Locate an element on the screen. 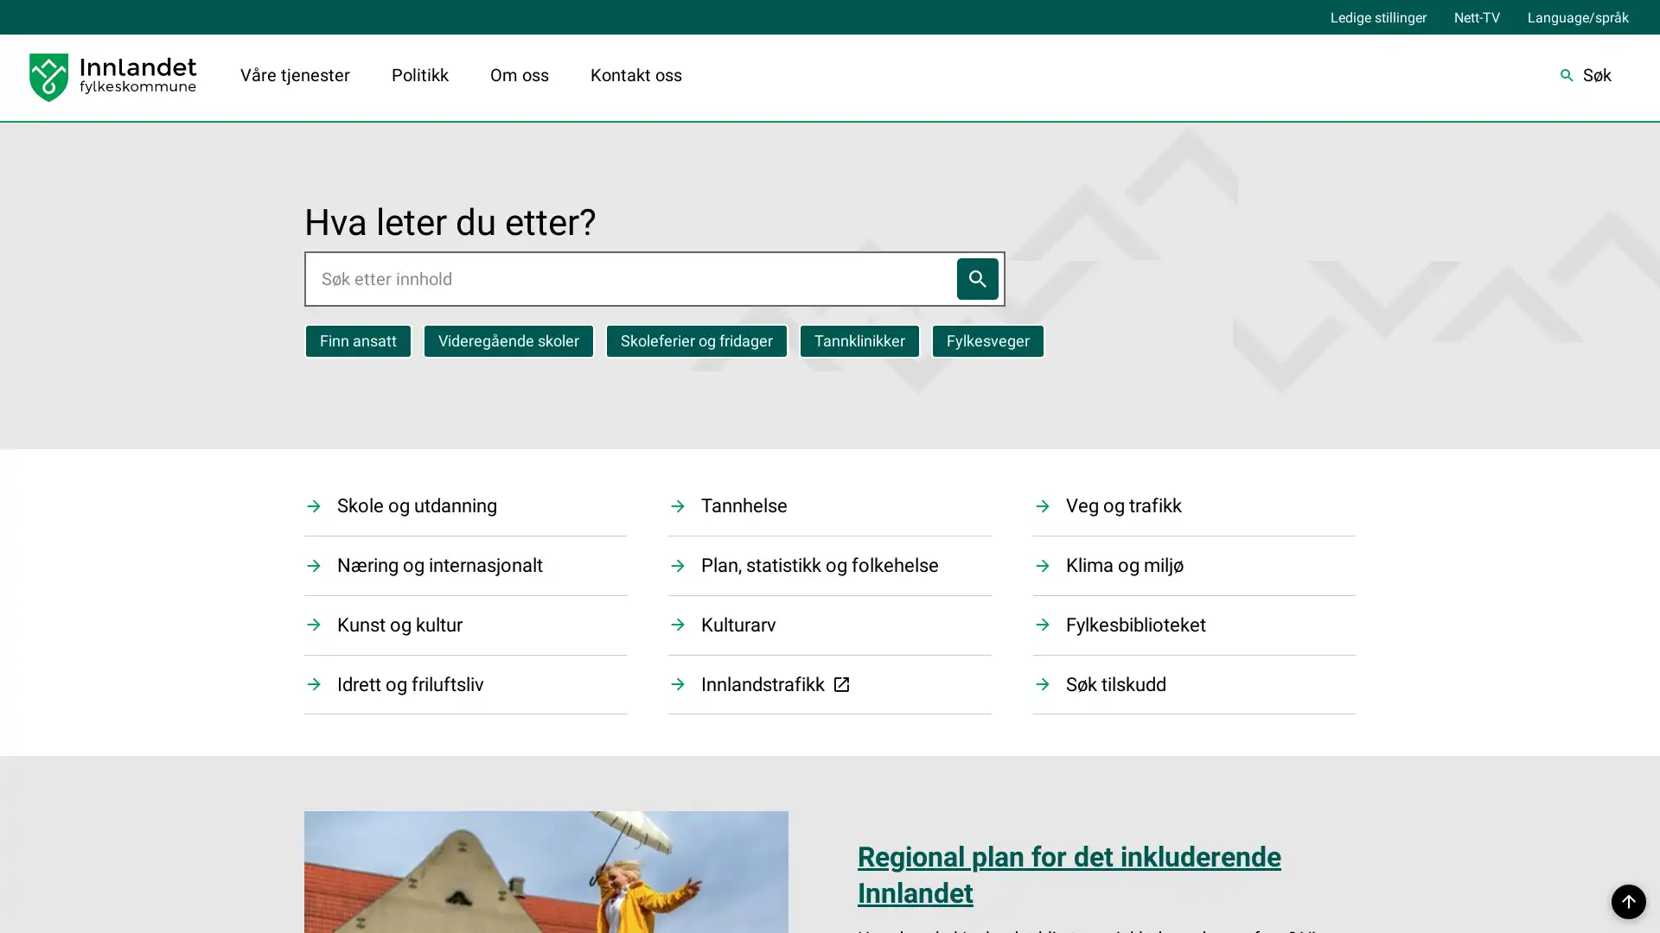 The image size is (1660, 933). Sk is located at coordinates (1585, 76).